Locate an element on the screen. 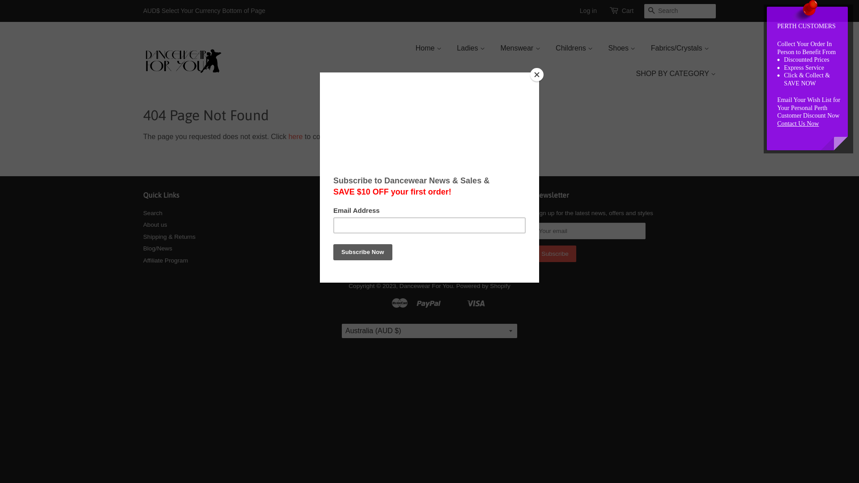  'Blog/News' is located at coordinates (157, 248).